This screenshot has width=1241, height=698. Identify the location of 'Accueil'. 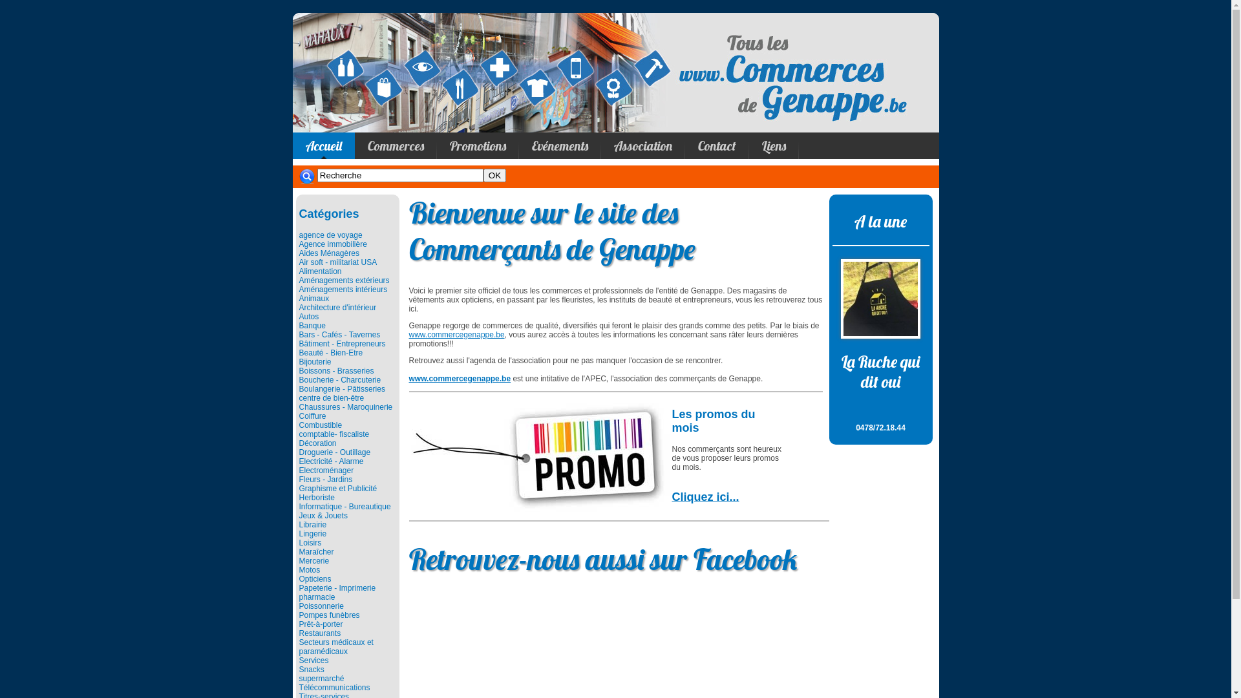
(323, 145).